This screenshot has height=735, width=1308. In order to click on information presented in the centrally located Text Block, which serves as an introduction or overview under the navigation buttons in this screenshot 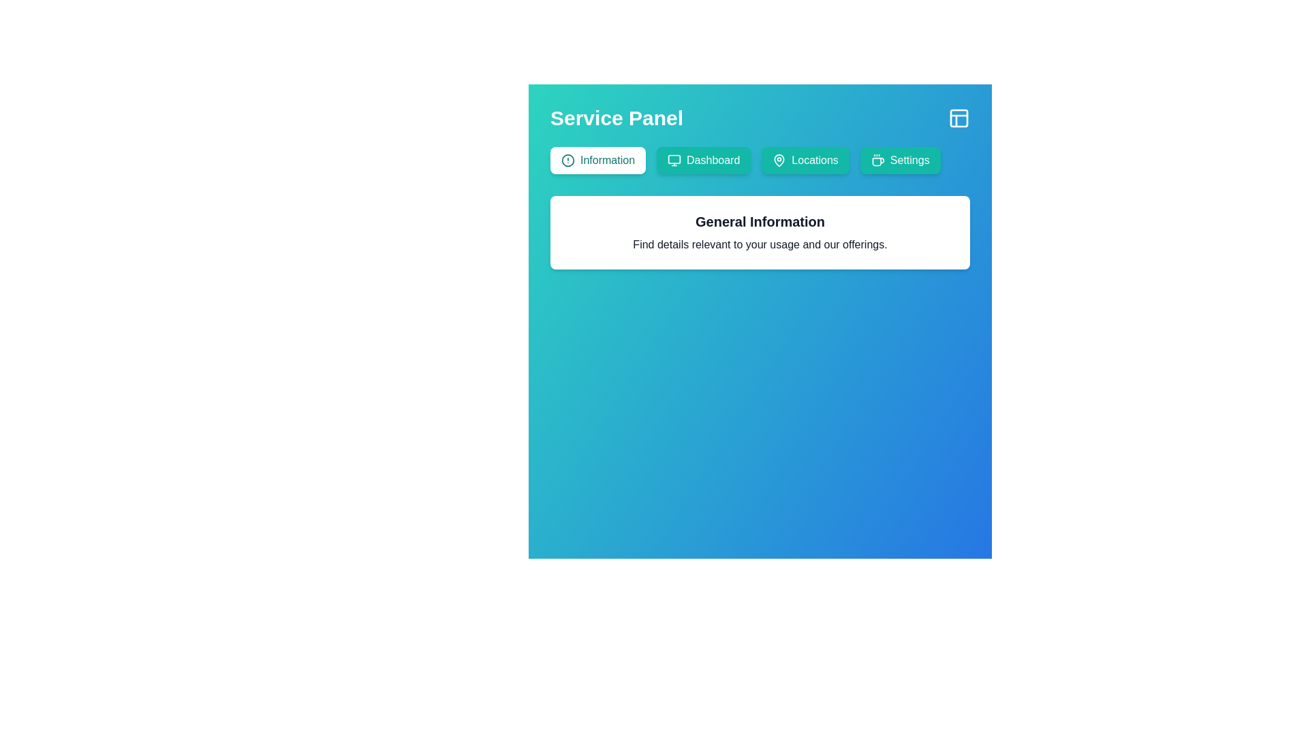, I will do `click(760, 232)`.